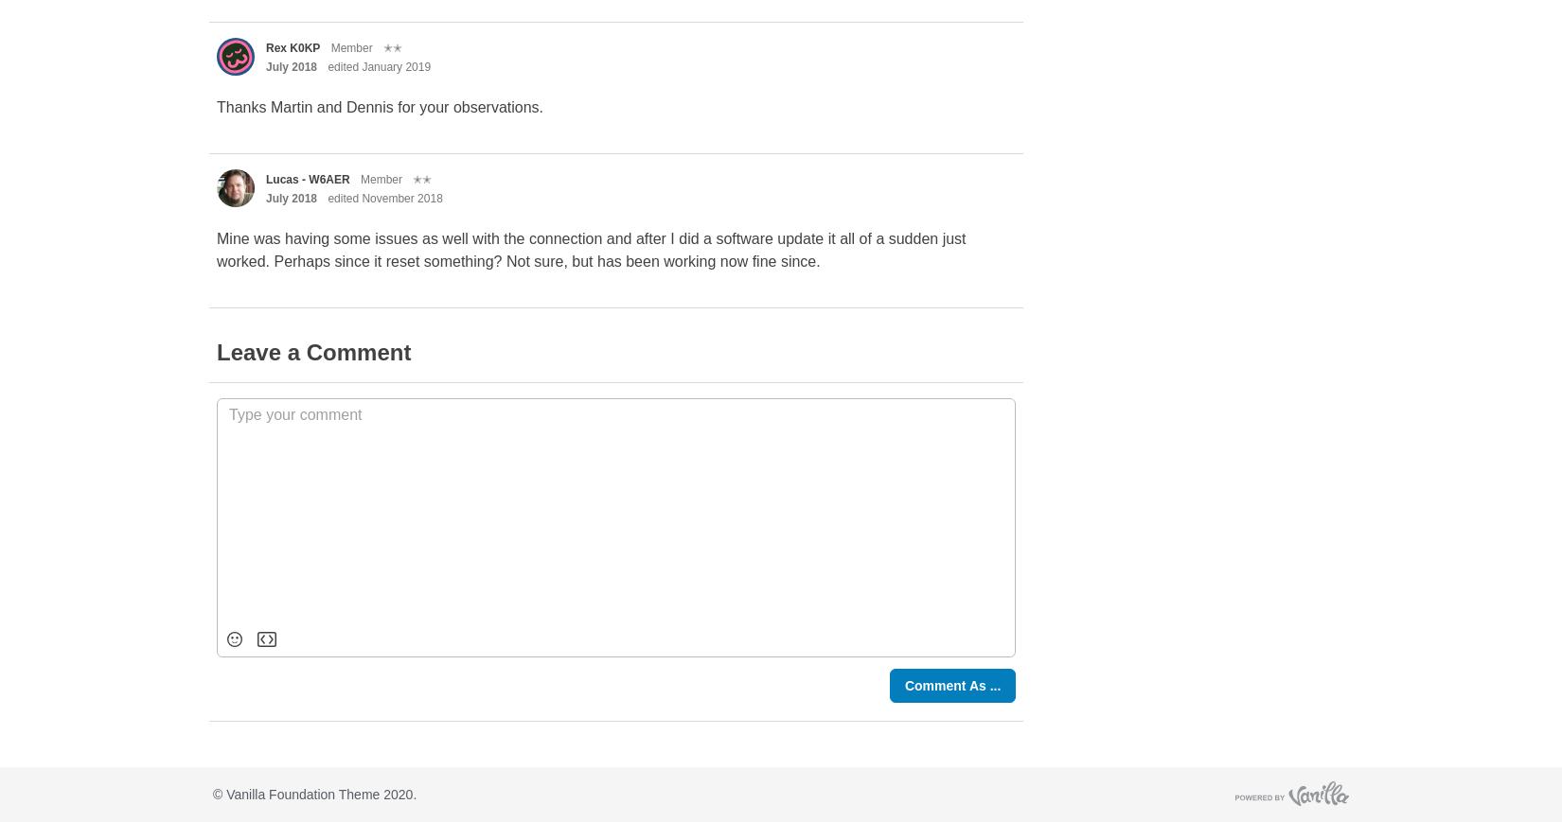  I want to click on 'edited January 2019', so click(379, 65).